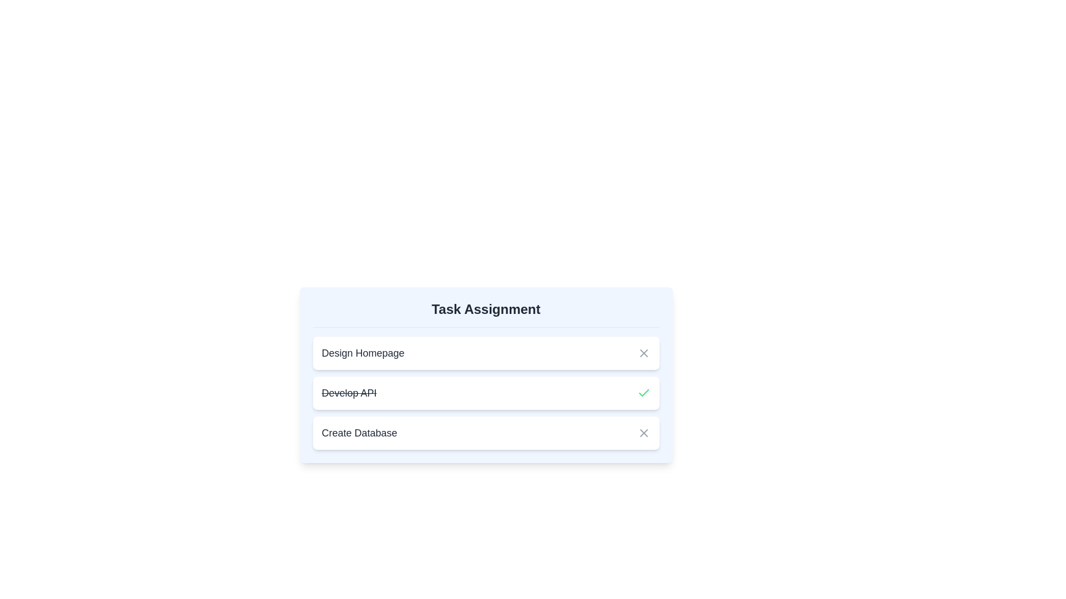  What do you see at coordinates (643, 432) in the screenshot?
I see `the diagonal cross (X) icon located at the far right of the bottommost task row in the graphical interface` at bounding box center [643, 432].